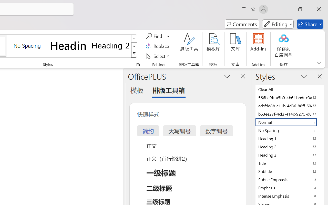 The height and width of the screenshot is (205, 328). I want to click on 'Emphasis', so click(290, 187).